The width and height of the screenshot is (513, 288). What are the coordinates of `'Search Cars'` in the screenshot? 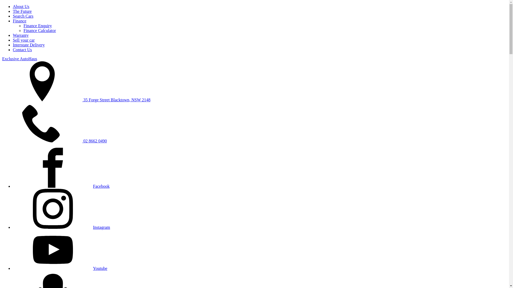 It's located at (23, 16).